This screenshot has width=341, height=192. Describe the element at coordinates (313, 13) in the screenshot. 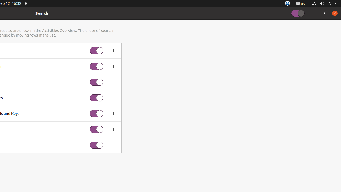

I see `'Minimize'` at that location.